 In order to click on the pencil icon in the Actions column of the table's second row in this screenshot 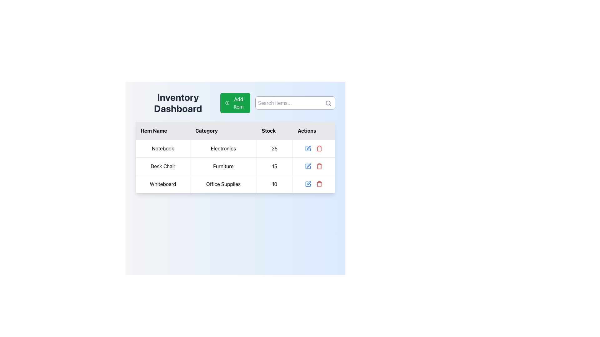, I will do `click(309, 165)`.